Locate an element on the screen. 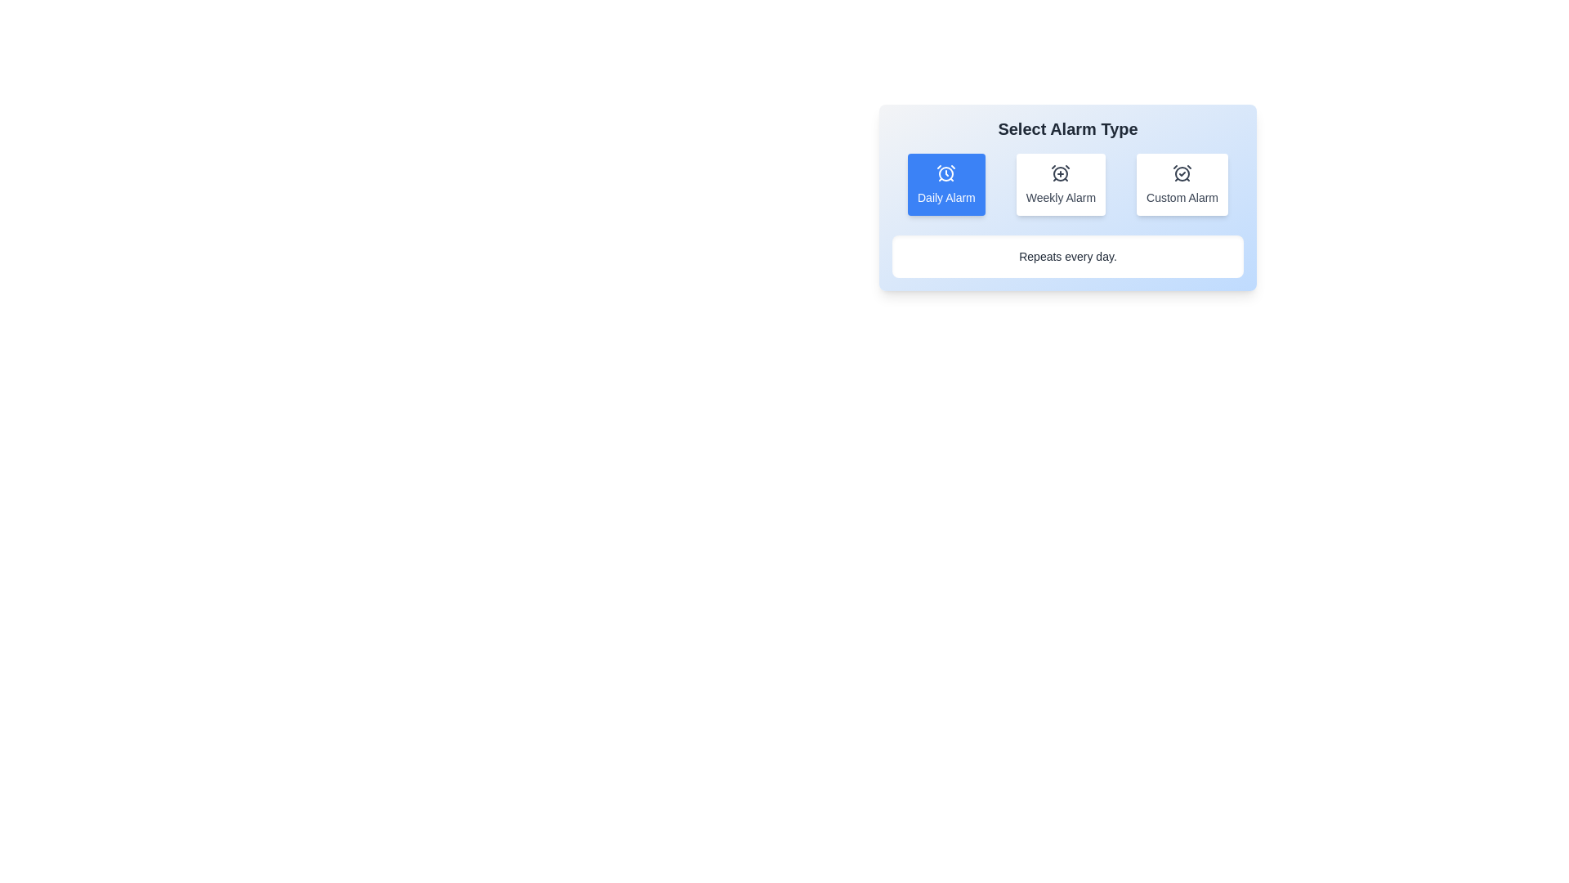 Image resolution: width=1569 pixels, height=883 pixels. the Custom Alarm button to see its hover effect is located at coordinates (1182, 184).